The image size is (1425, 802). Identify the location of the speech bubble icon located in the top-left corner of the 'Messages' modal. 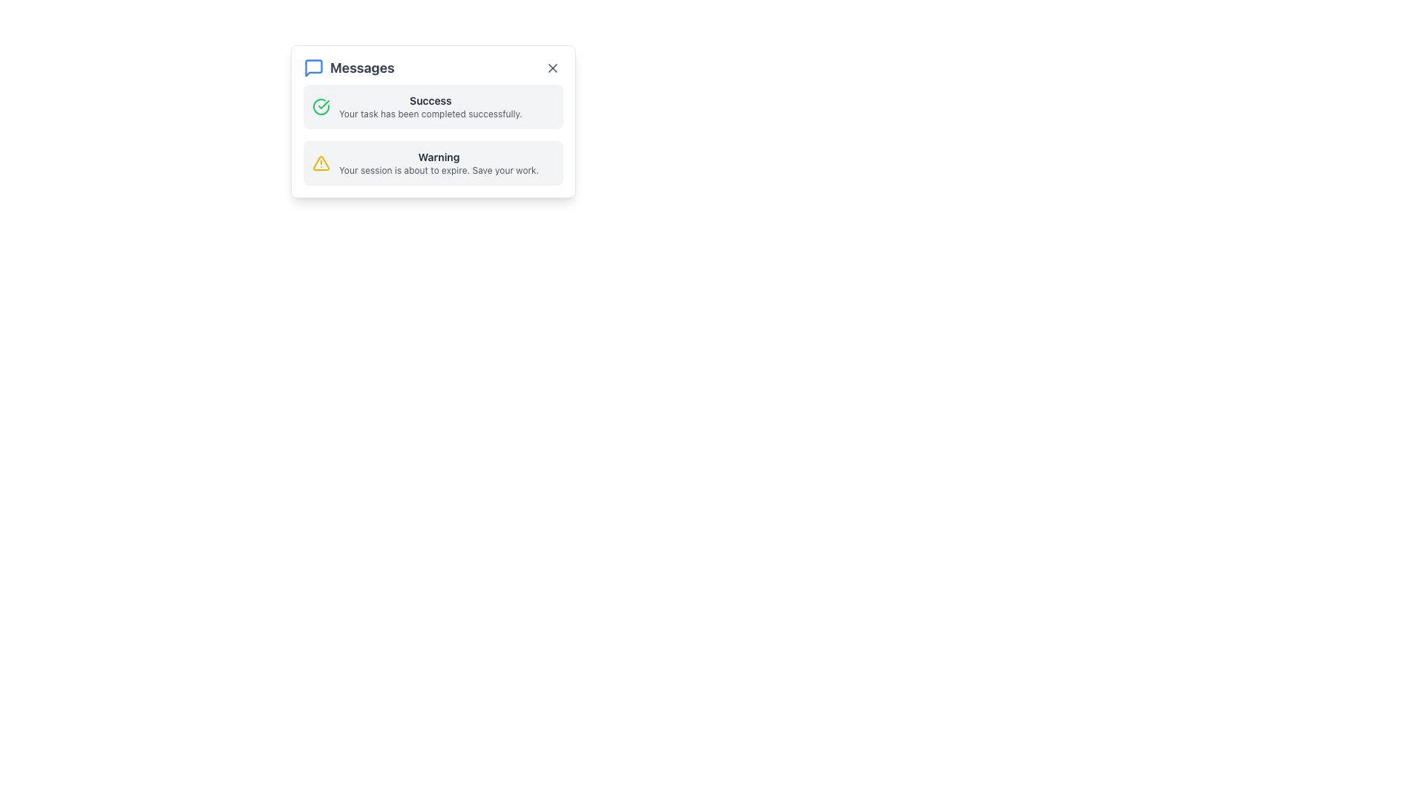
(312, 68).